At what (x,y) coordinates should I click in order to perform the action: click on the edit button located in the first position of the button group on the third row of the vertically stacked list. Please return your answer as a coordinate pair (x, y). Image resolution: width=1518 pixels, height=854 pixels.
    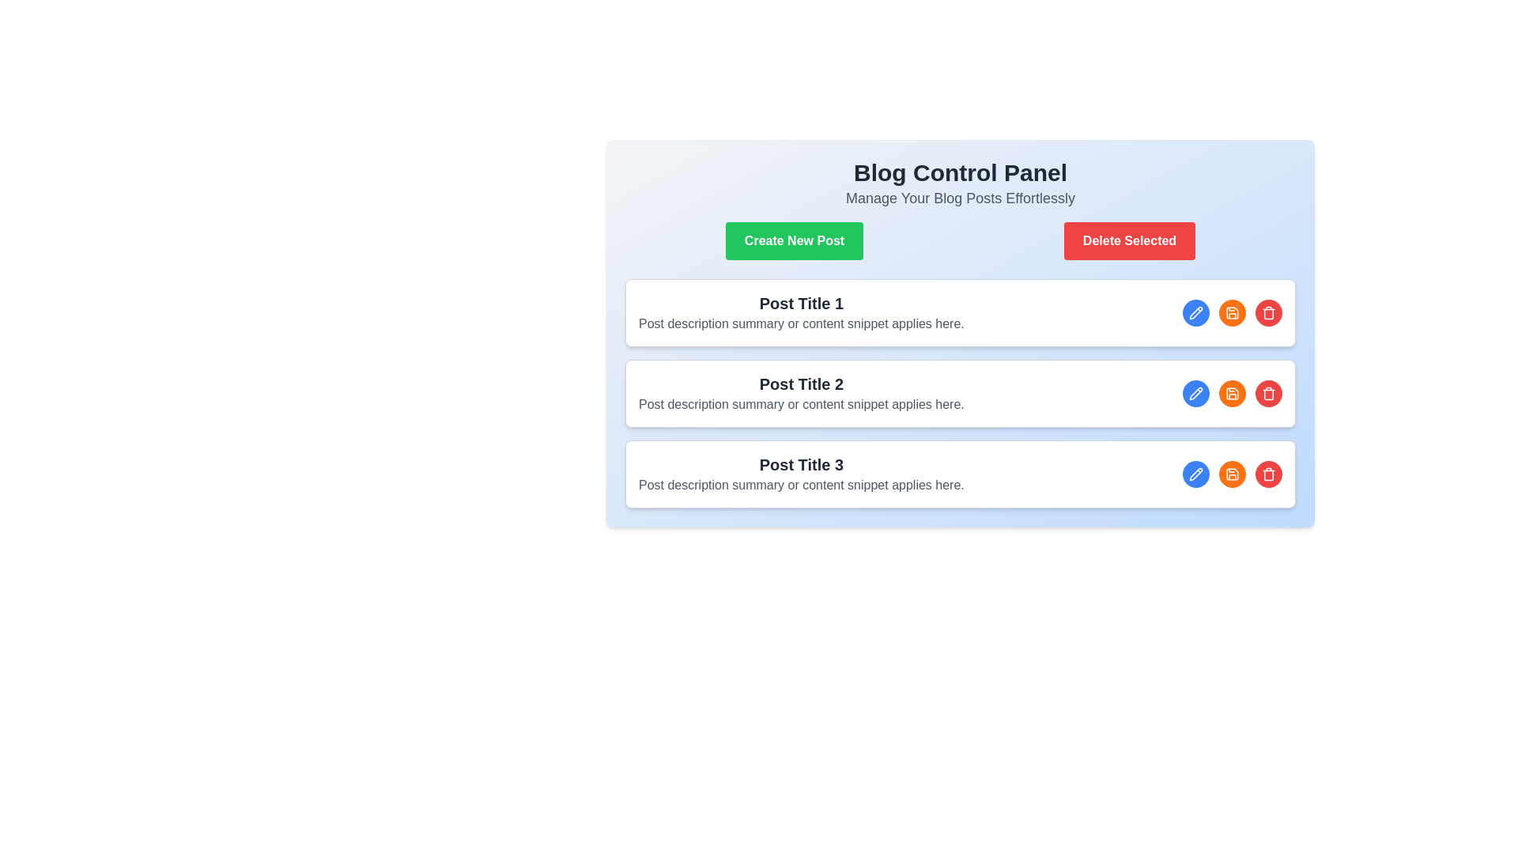
    Looking at the image, I should click on (1195, 474).